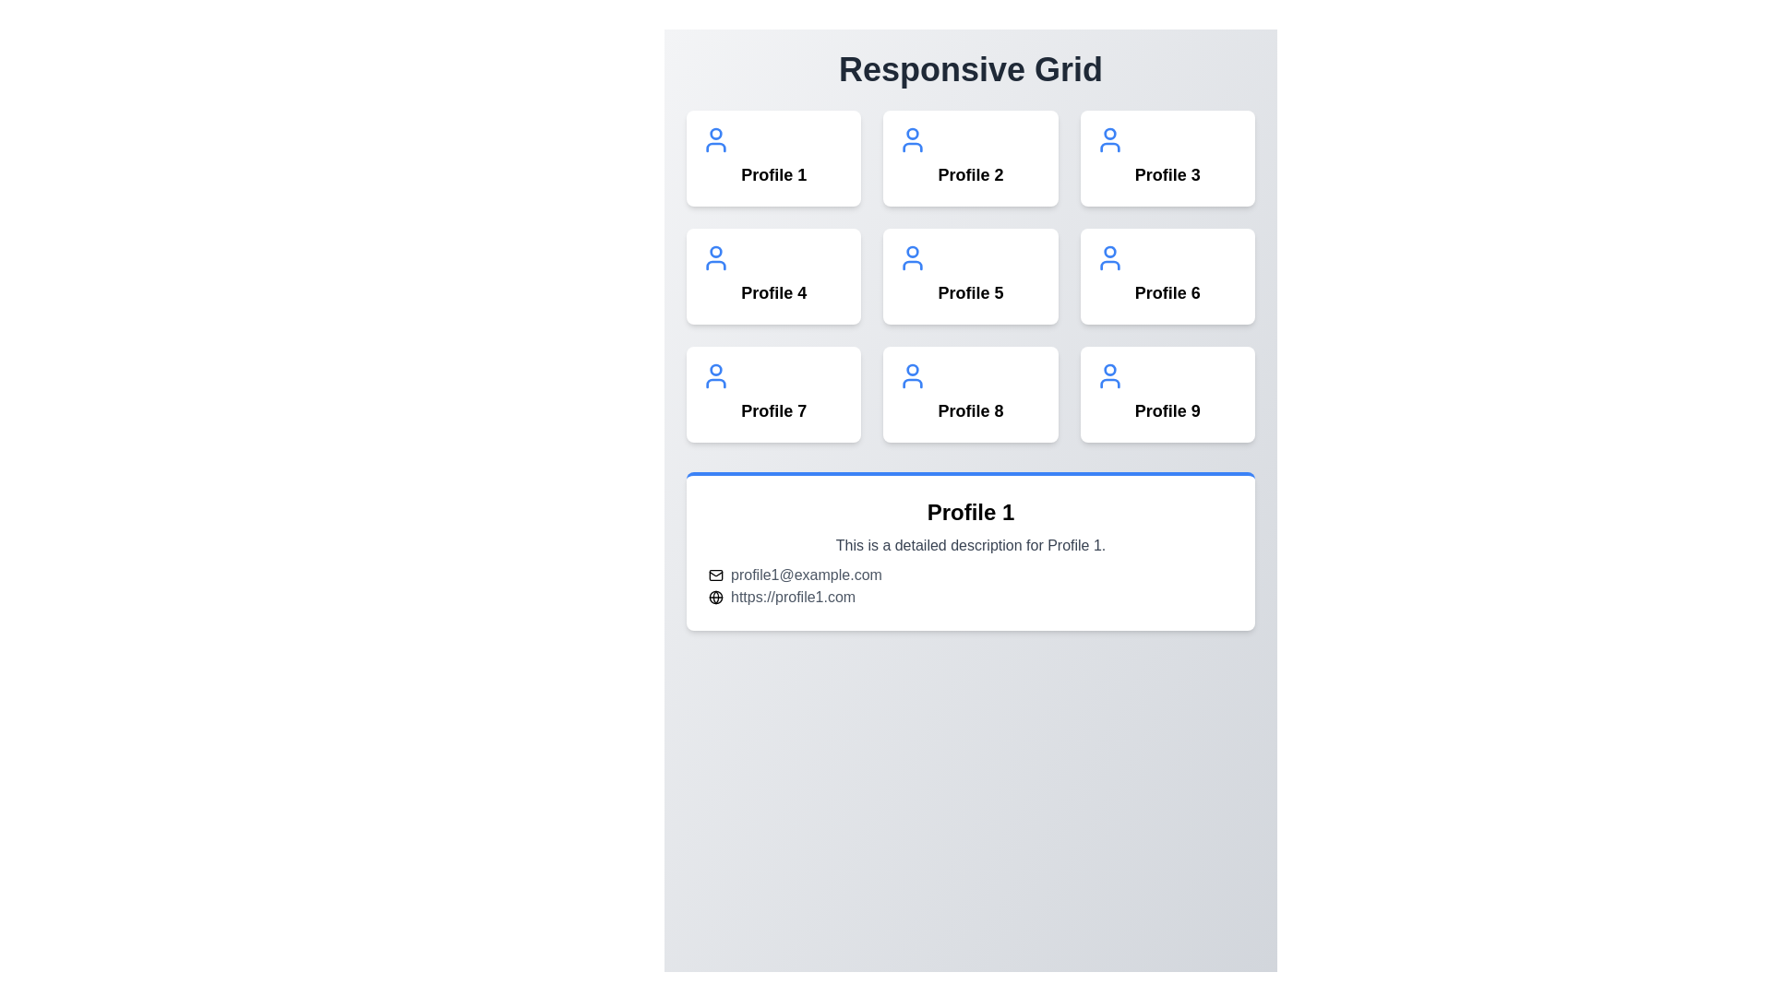 This screenshot has height=996, width=1772. Describe the element at coordinates (913, 252) in the screenshot. I see `the Circular SVG element representing the user profile in Profile 5 card, which is centrally positioned above the label 'Profile 5'` at that location.